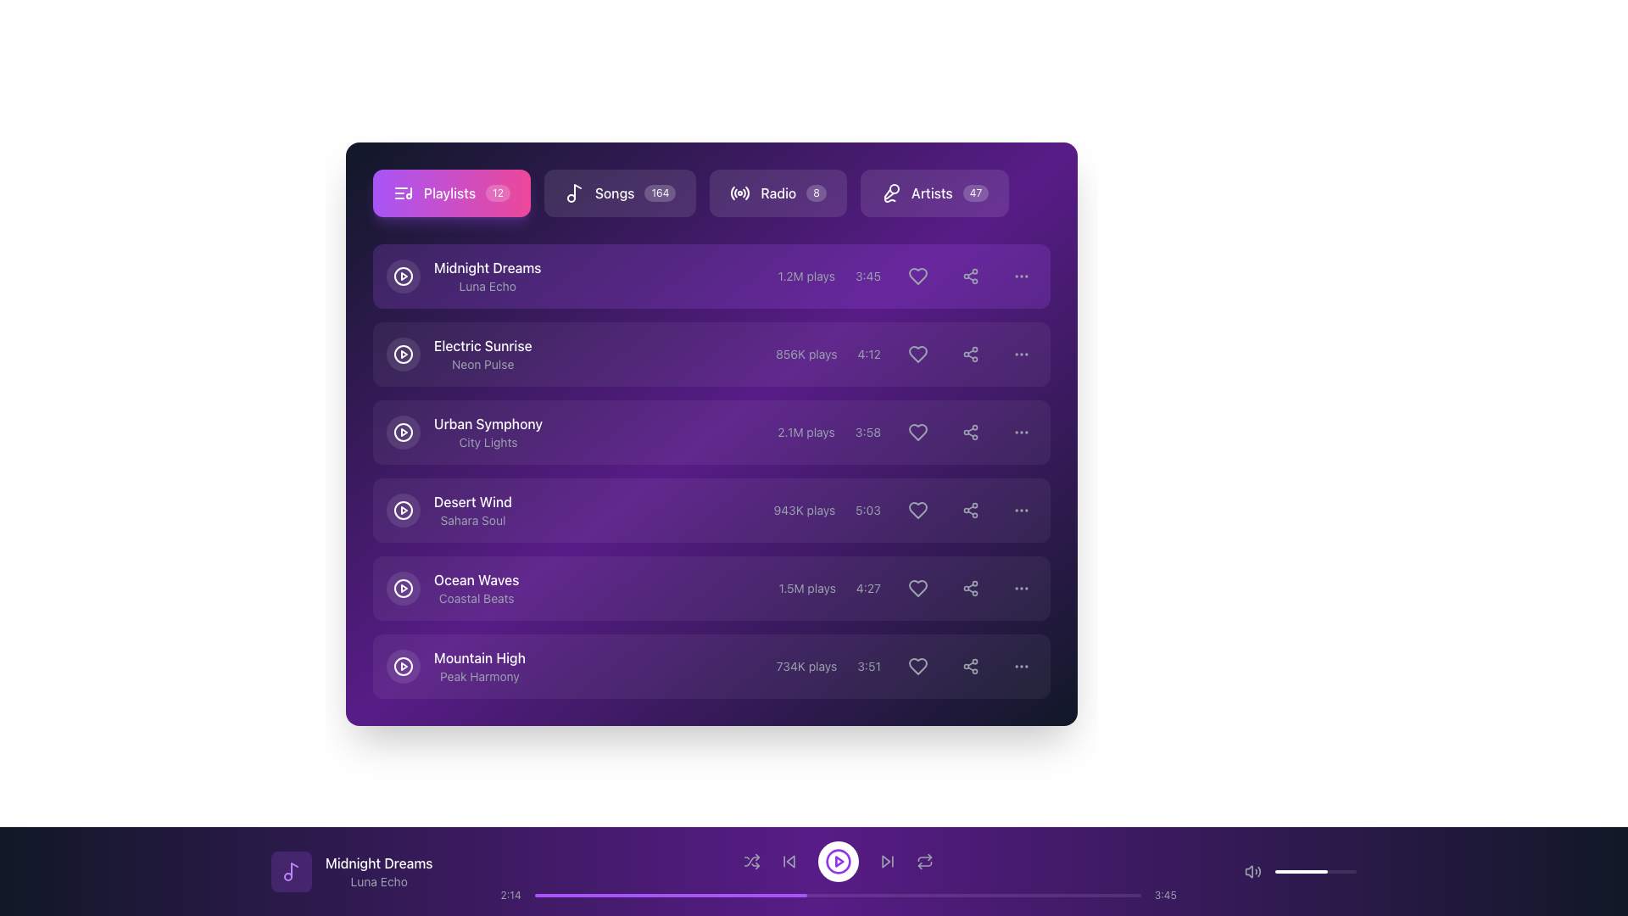 This screenshot has height=916, width=1628. What do you see at coordinates (449, 509) in the screenshot?
I see `the composite UI component that consists of a bold white text label 'Desert Wind' and a smaller gray text 'Sahara Soul', along with a circular button with a play icon` at bounding box center [449, 509].